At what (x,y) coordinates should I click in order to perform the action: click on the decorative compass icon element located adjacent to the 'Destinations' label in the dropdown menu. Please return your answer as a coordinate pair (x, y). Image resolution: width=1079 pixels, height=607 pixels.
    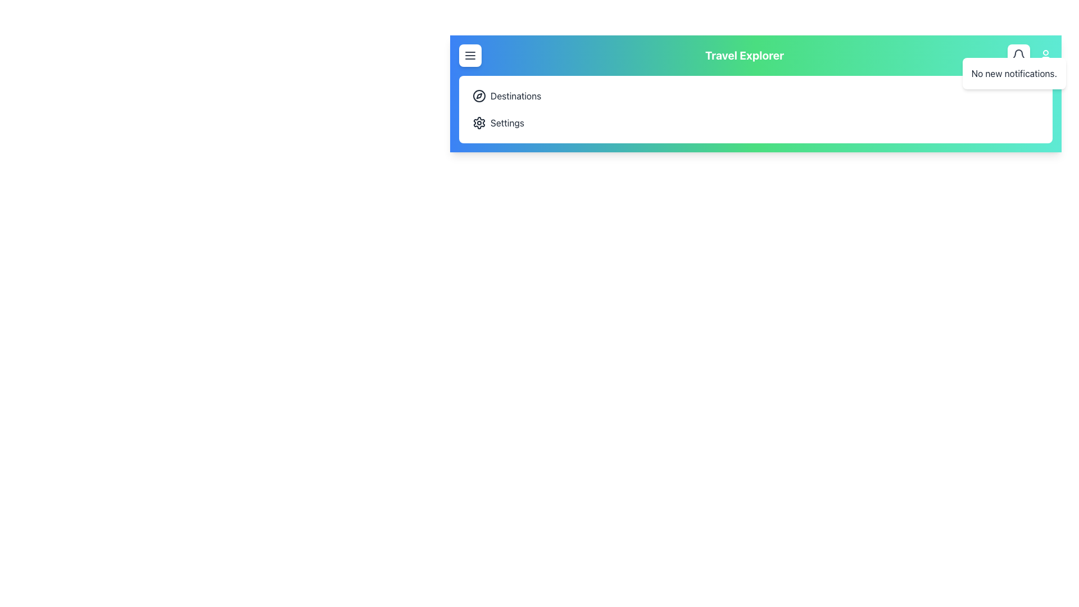
    Looking at the image, I should click on (479, 95).